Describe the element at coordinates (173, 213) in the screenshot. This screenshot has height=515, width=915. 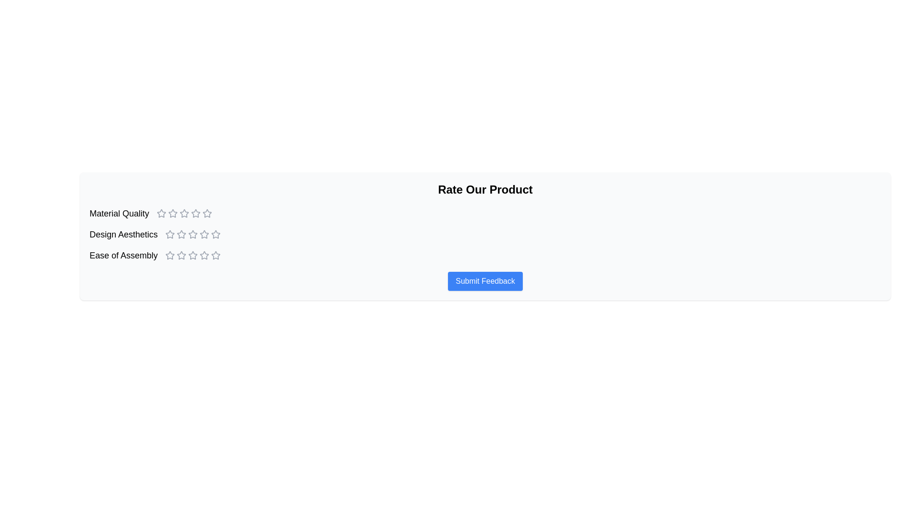
I see `the first star icon to provide a one-star rating for 'Material Quality' in the rating card` at that location.